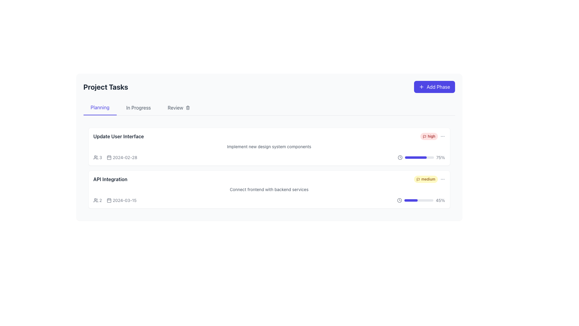  What do you see at coordinates (125, 157) in the screenshot?
I see `the text label displaying the date '2024-02-28' located next to the calendar icon in the first task entry of the task list` at bounding box center [125, 157].